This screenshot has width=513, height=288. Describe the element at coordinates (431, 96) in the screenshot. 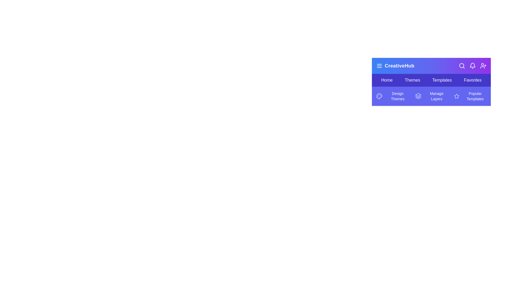

I see `the sub-menu option Manage Layers` at that location.